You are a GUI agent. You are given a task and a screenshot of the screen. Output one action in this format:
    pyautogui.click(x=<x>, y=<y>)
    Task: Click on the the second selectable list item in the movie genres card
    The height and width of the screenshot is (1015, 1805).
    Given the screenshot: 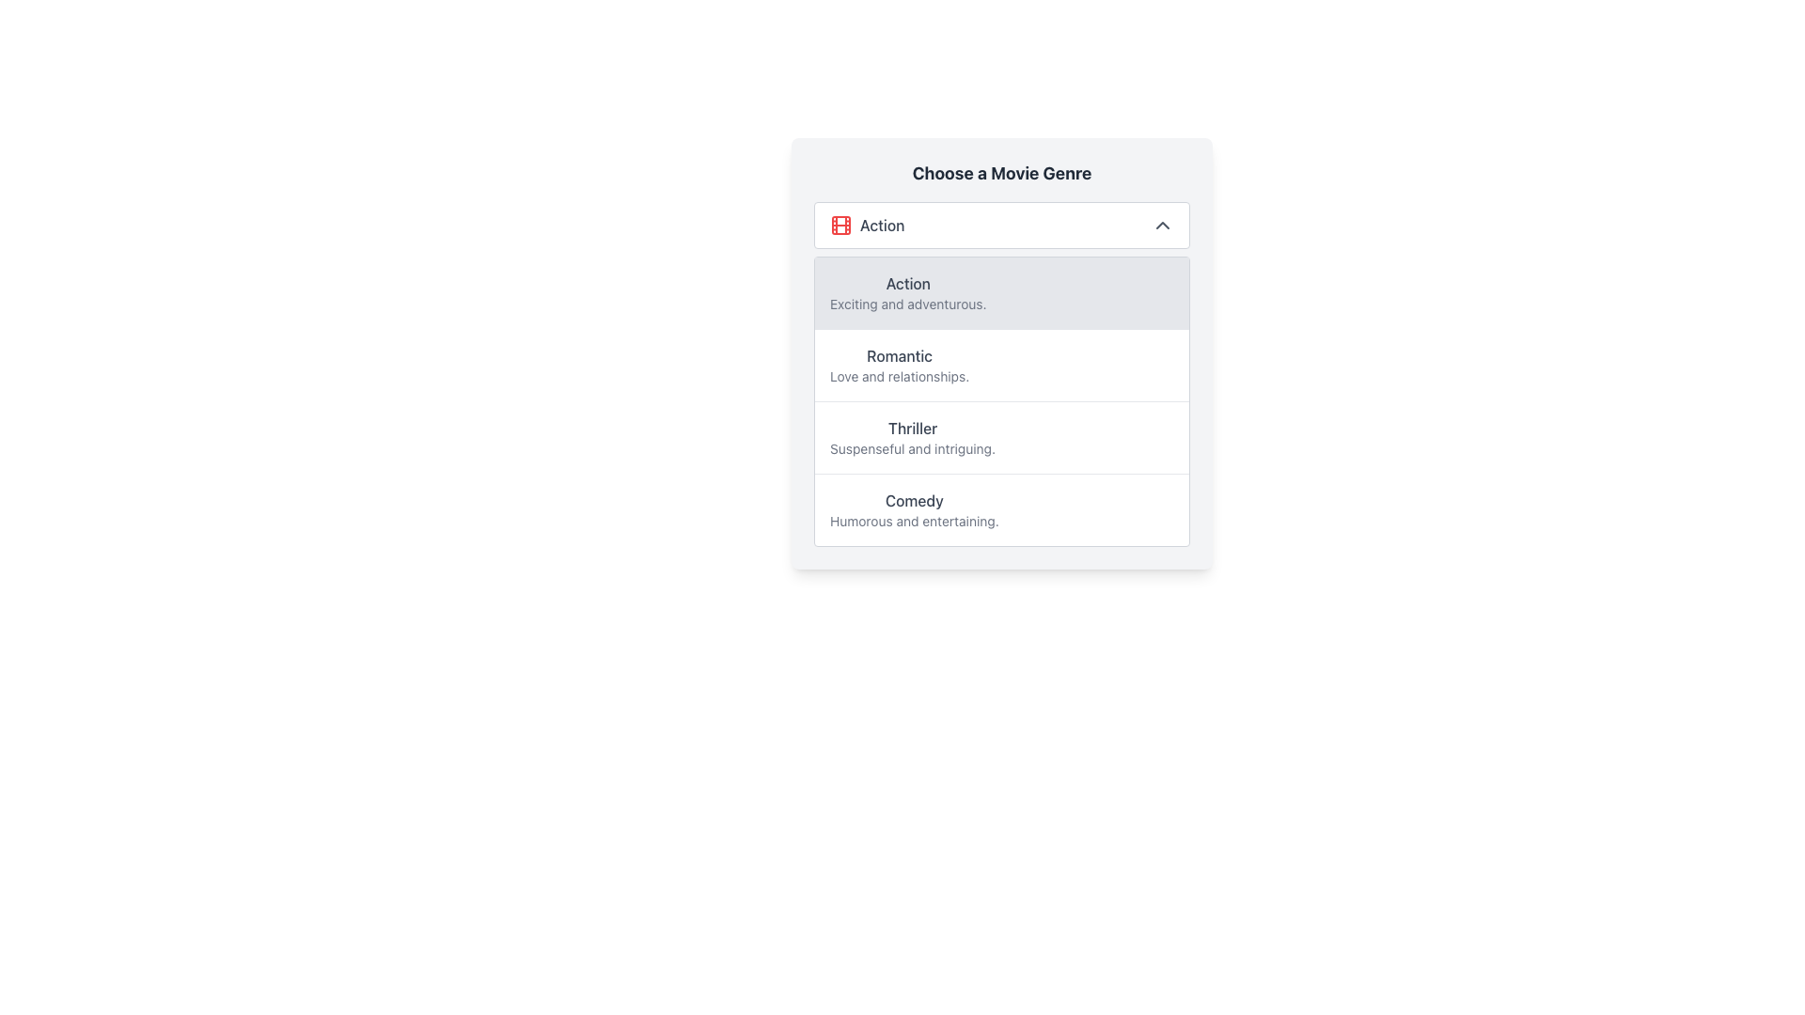 What is the action you would take?
    pyautogui.click(x=1000, y=353)
    